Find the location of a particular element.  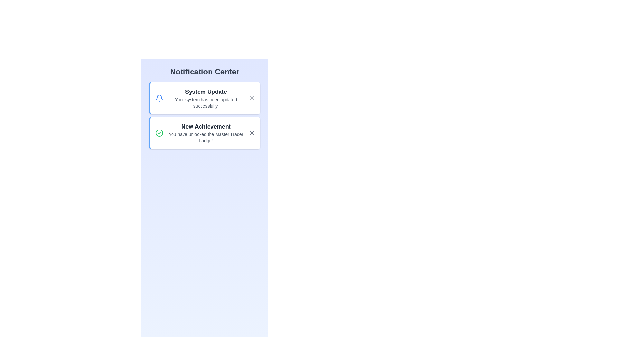

the button located at the top-right corner of the 'New Achievement' notification card is located at coordinates (251, 132).